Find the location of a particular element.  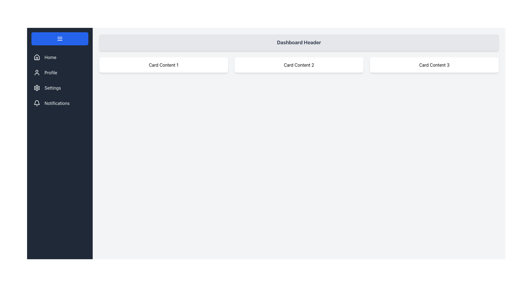

the 'Home' text label in the vertical navigation menu, which is styled in white text against a dark background and positioned next to a house icon is located at coordinates (50, 57).